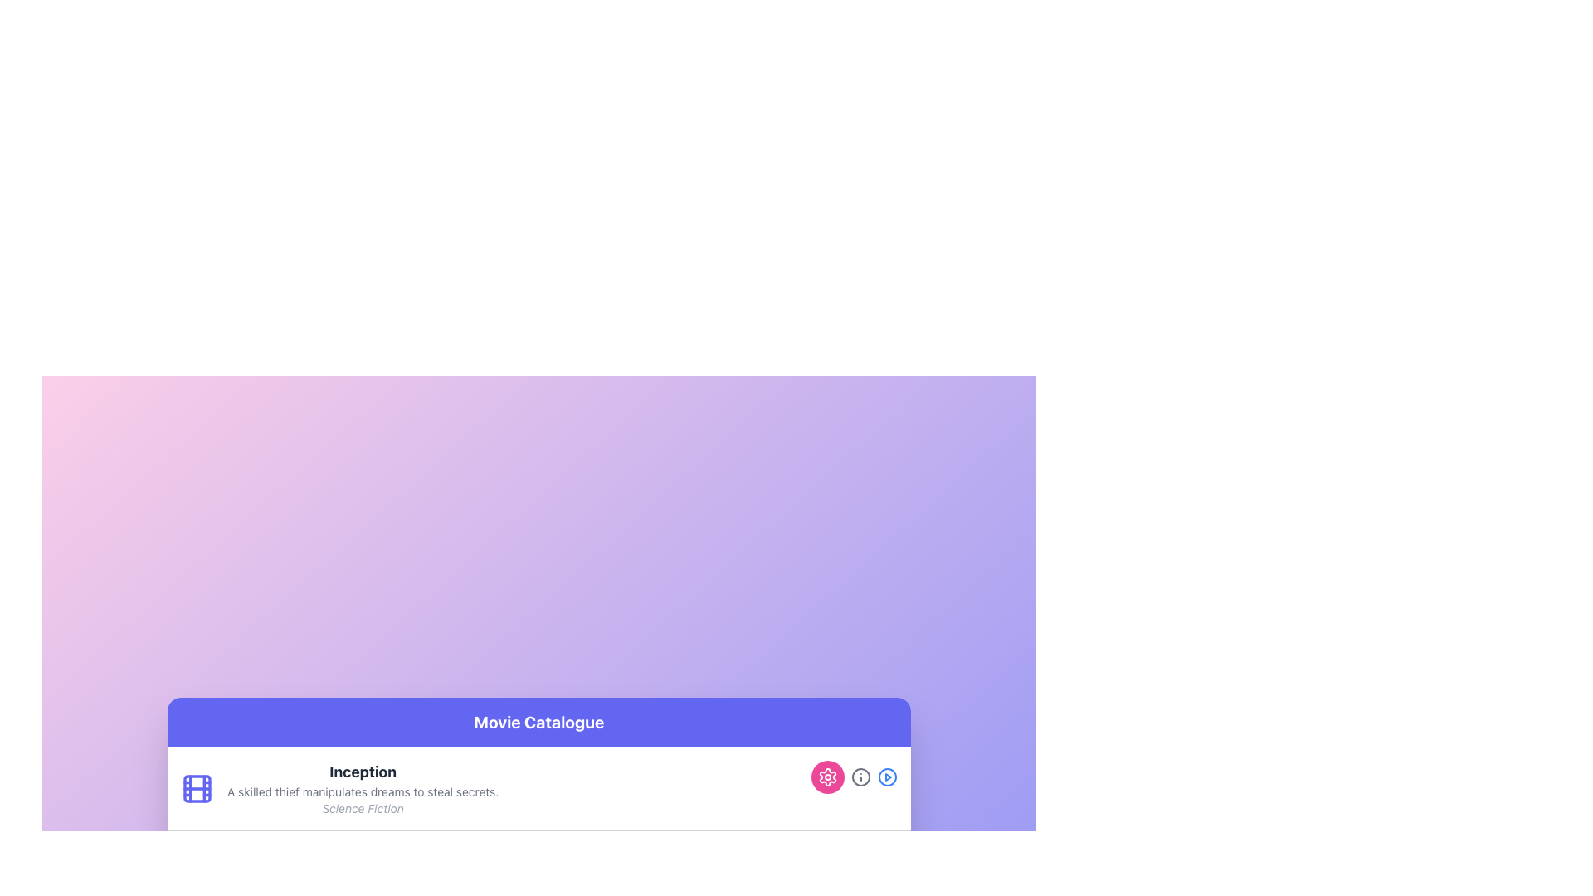 Image resolution: width=1593 pixels, height=896 pixels. I want to click on the central circular shape within the SVG graphic, which serves as a decorative or functional part of an icon, so click(860, 777).